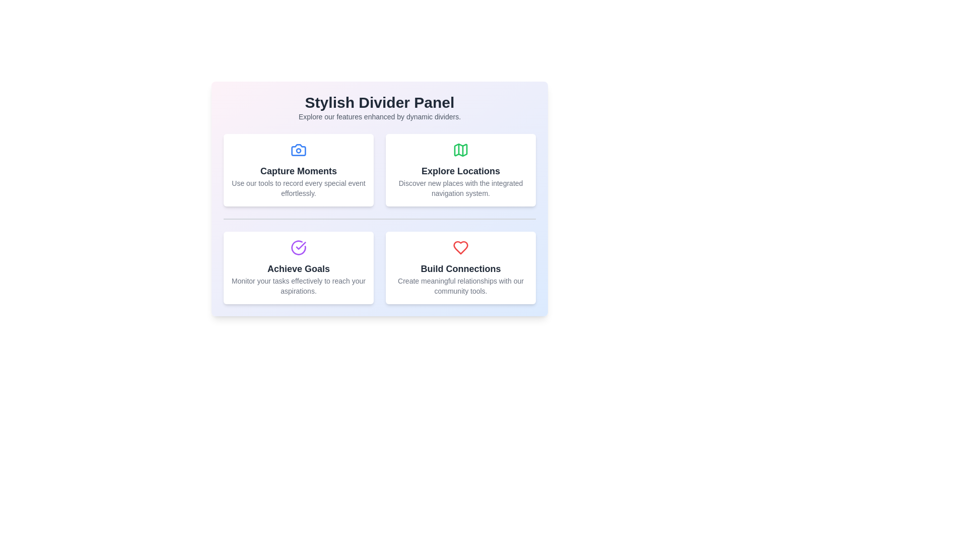 The height and width of the screenshot is (544, 967). What do you see at coordinates (298, 268) in the screenshot?
I see `the static text heading that reads 'Achieve Goals', which is styled in bold and centered aligned, located in the lower-left card of a four-card layout` at bounding box center [298, 268].